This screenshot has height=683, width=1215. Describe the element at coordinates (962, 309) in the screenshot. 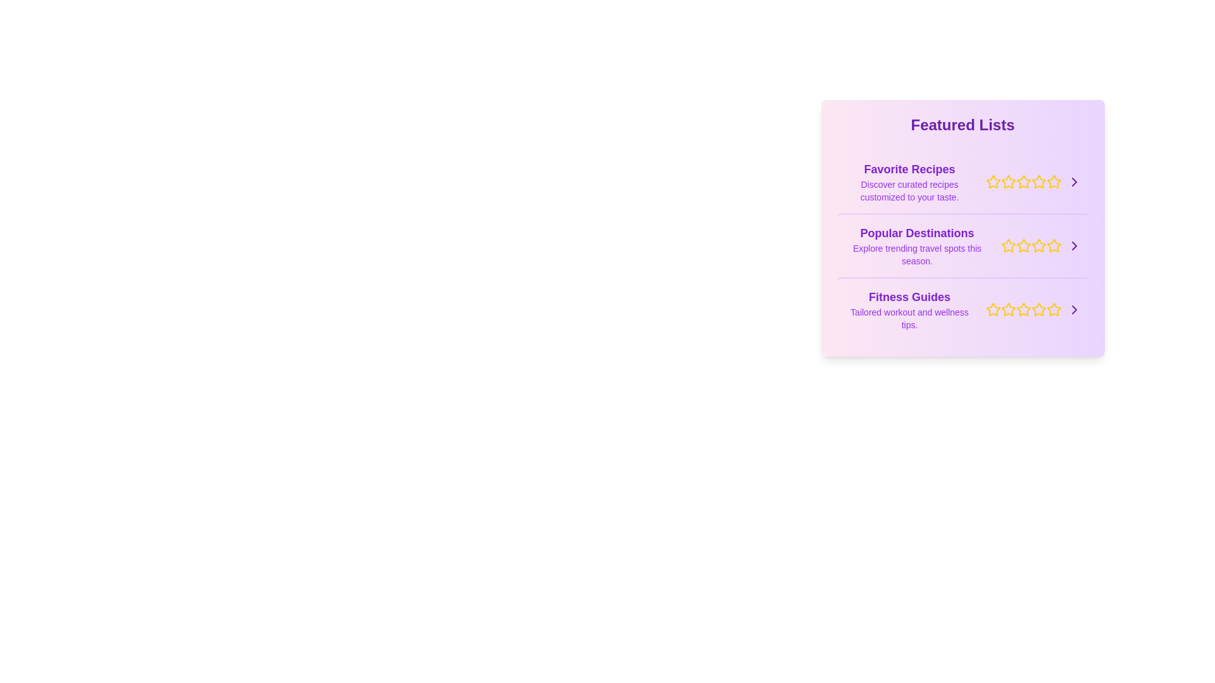

I see `the list item labeled 'Fitness Guides' to select it` at that location.